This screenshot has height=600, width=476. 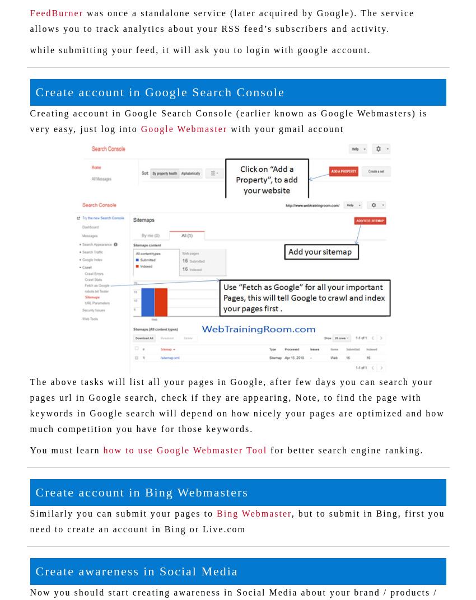 What do you see at coordinates (286, 128) in the screenshot?
I see `'with your gmail account'` at bounding box center [286, 128].